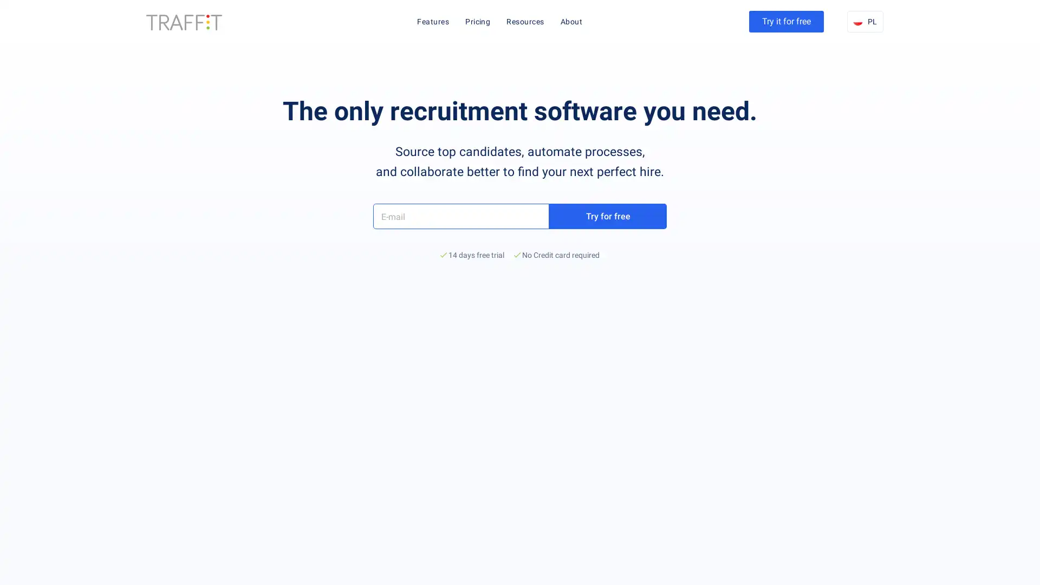  Describe the element at coordinates (786, 21) in the screenshot. I see `Try it for free` at that location.